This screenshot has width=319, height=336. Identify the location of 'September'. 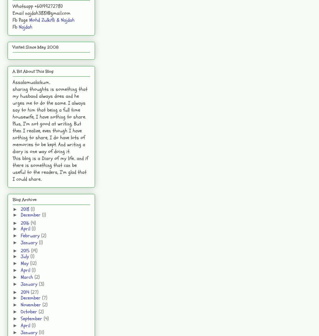
(32, 318).